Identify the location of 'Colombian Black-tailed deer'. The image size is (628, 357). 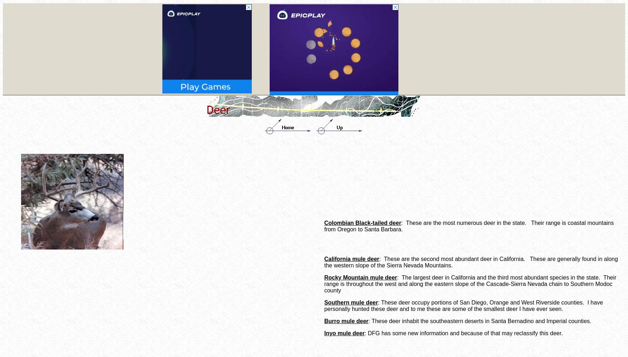
(362, 222).